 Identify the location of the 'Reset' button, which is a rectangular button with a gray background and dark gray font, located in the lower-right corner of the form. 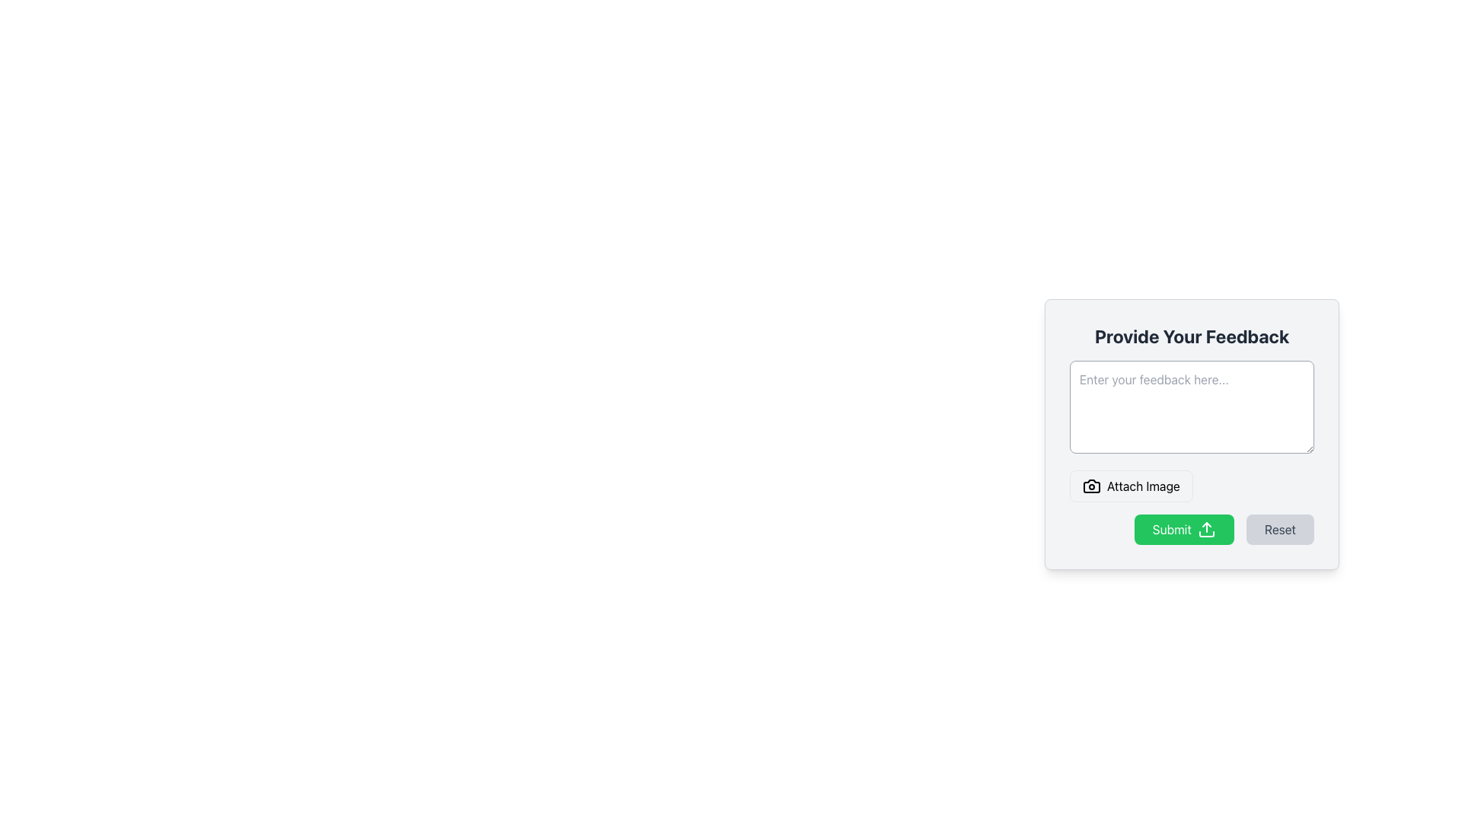
(1279, 528).